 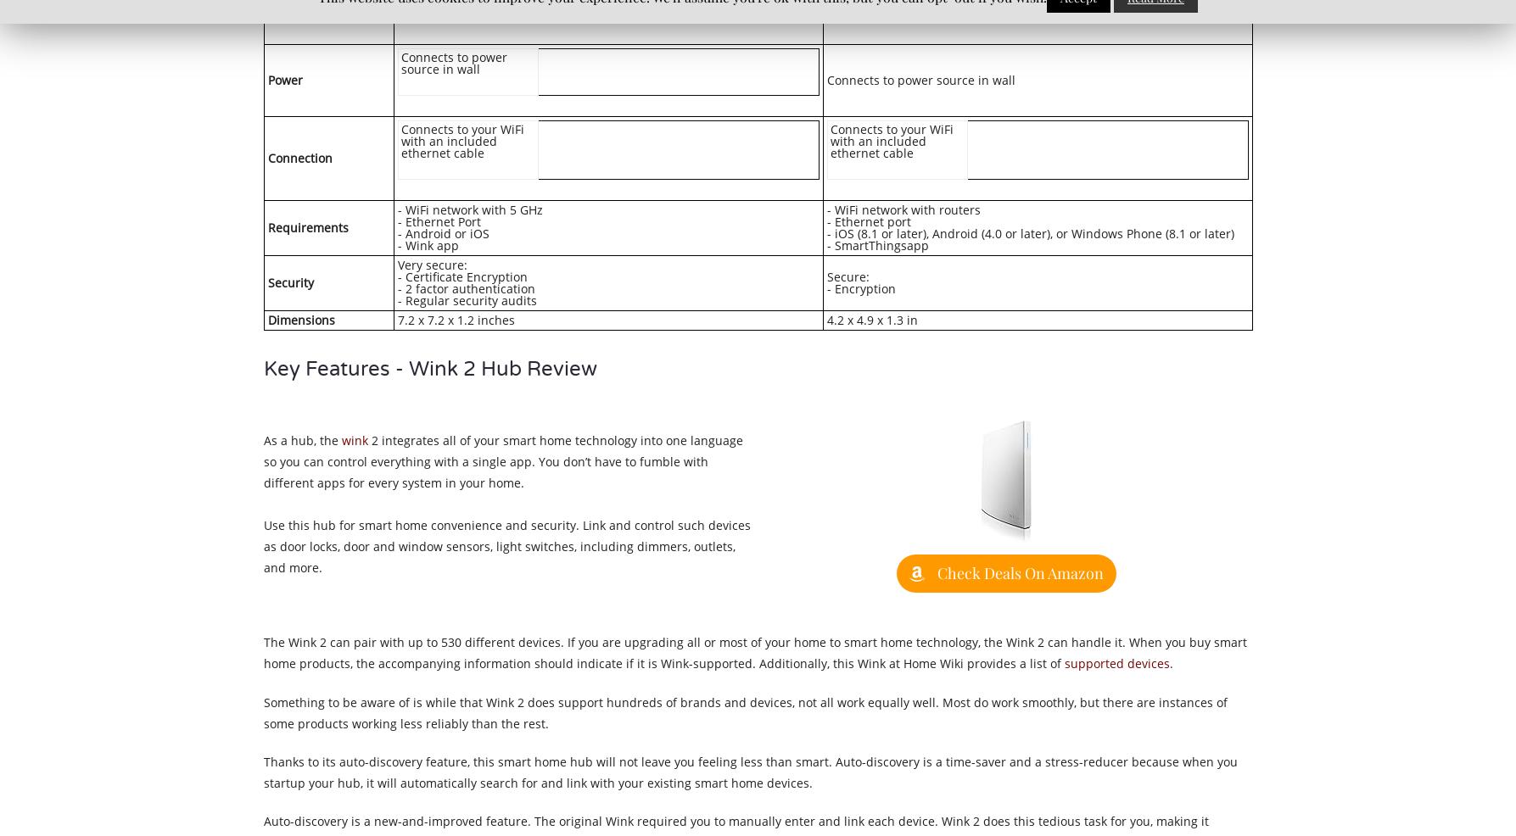 I want to click on 'Connection', so click(x=266, y=156).